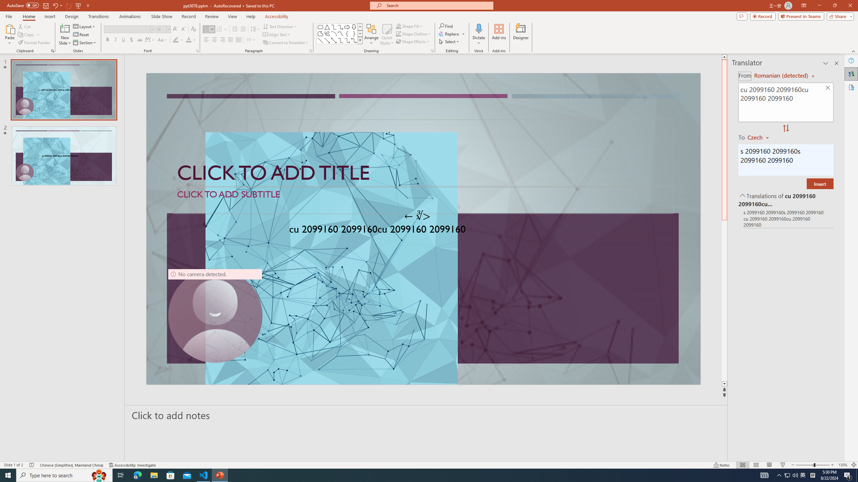 Image resolution: width=858 pixels, height=482 pixels. What do you see at coordinates (29, 34) in the screenshot?
I see `'Copy'` at bounding box center [29, 34].